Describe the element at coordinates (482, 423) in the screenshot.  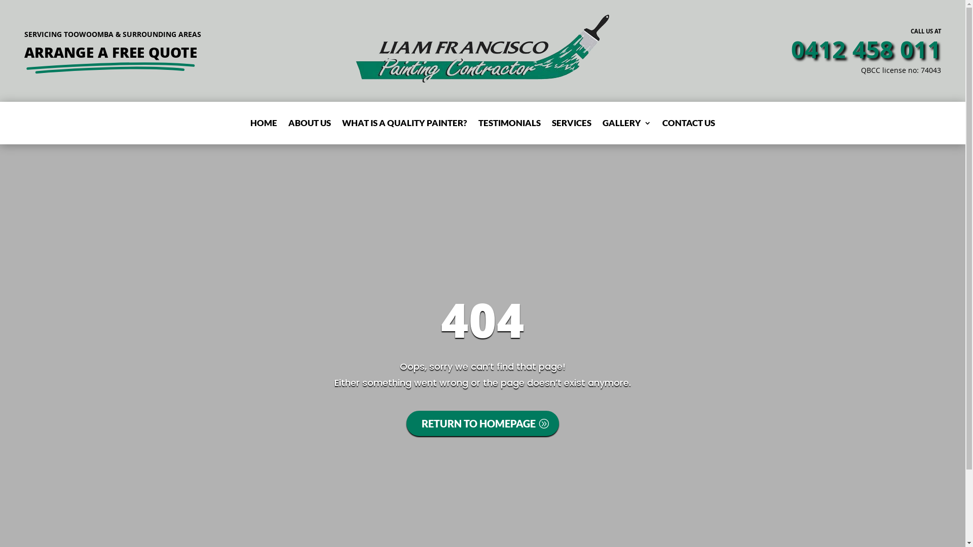
I see `'RETURN TO HOMEPAGE'` at that location.